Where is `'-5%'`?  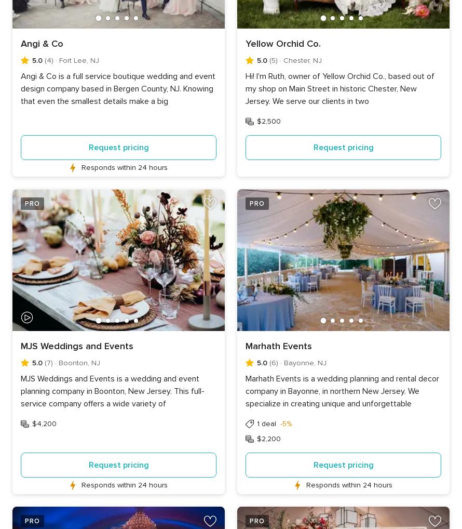
'-5%' is located at coordinates (279, 423).